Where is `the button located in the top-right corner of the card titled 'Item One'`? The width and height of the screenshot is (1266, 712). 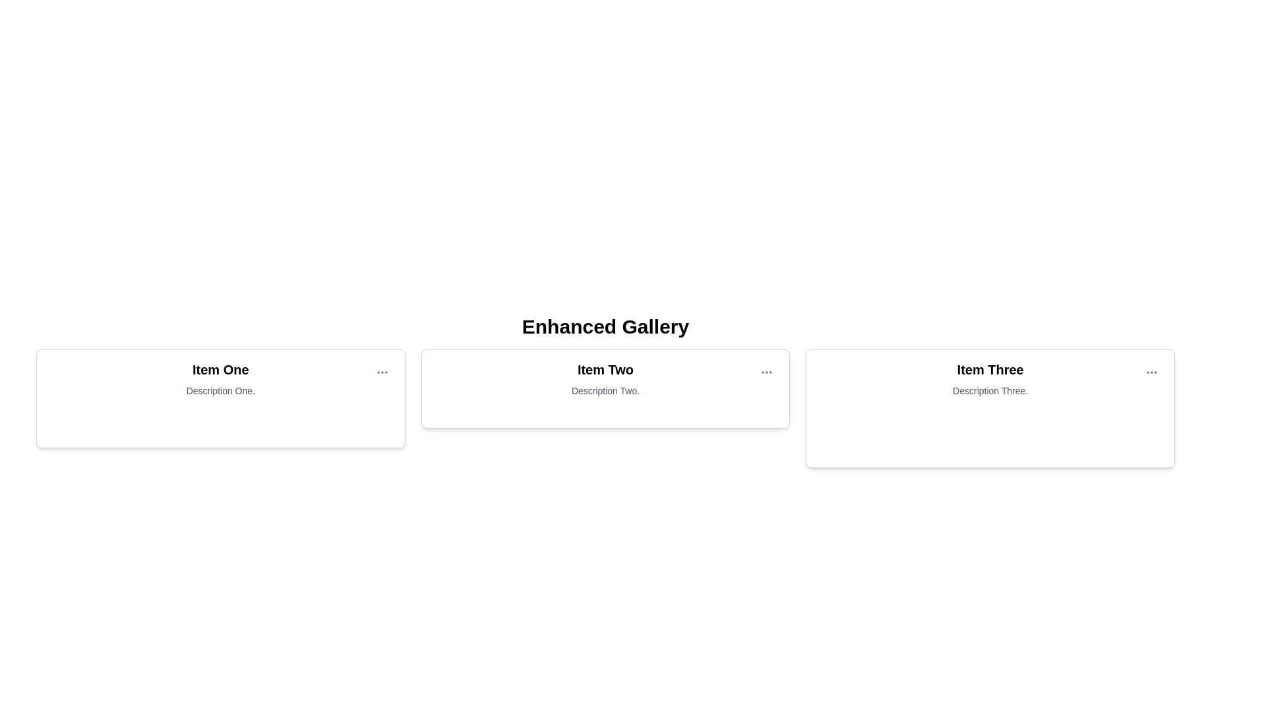 the button located in the top-right corner of the card titled 'Item One' is located at coordinates (381, 372).